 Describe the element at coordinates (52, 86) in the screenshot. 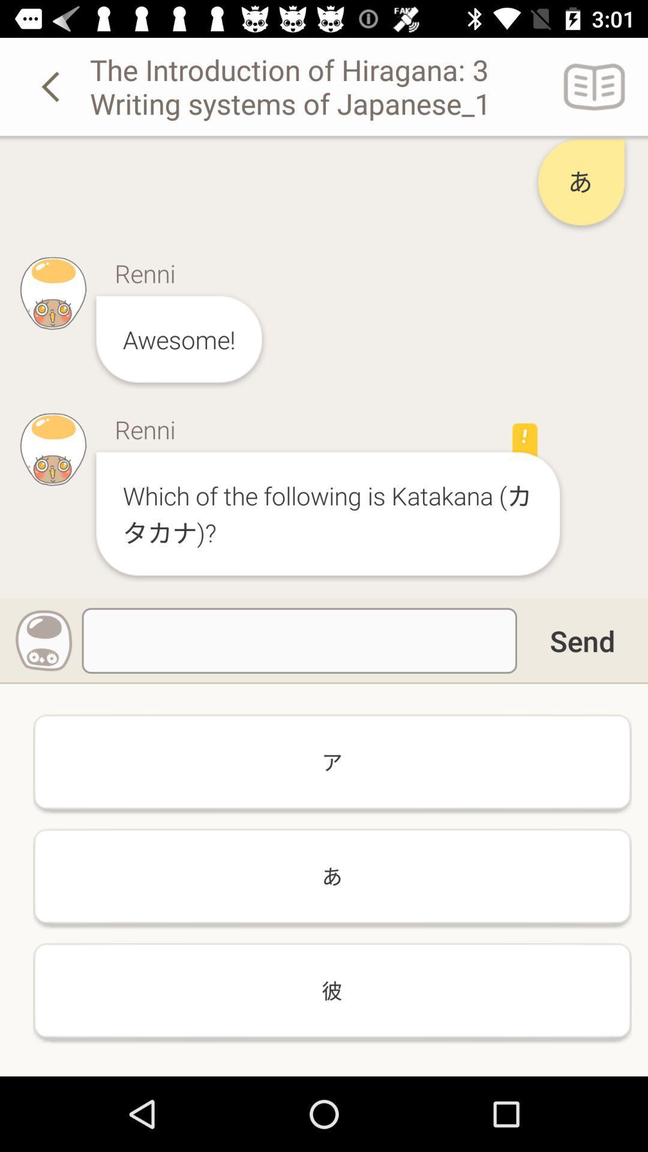

I see `the arrow_backward icon` at that location.